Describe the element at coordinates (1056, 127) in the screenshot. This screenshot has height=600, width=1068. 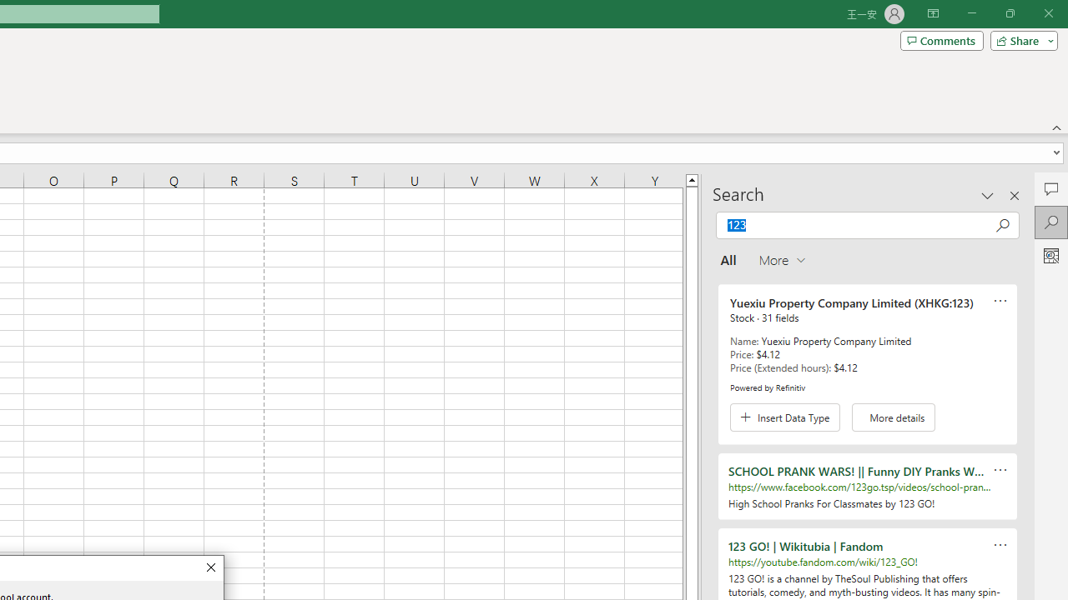
I see `'Collapse the Ribbon'` at that location.